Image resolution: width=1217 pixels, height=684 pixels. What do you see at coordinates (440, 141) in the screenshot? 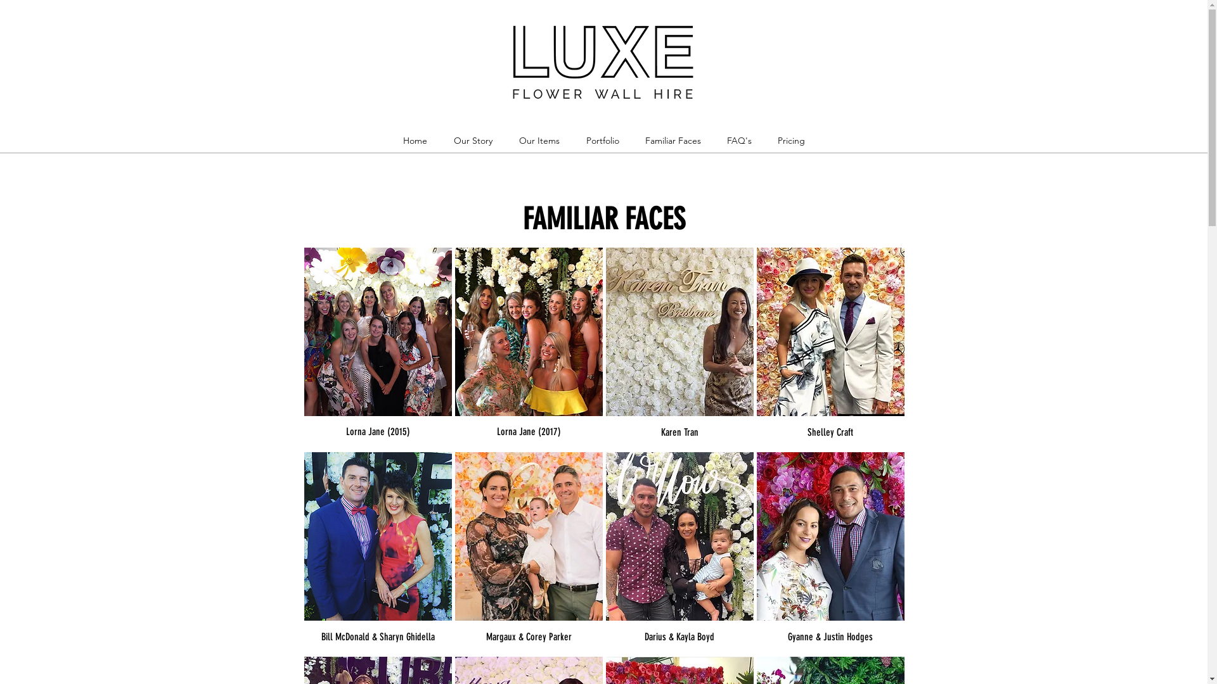
I see `'Our Story'` at bounding box center [440, 141].